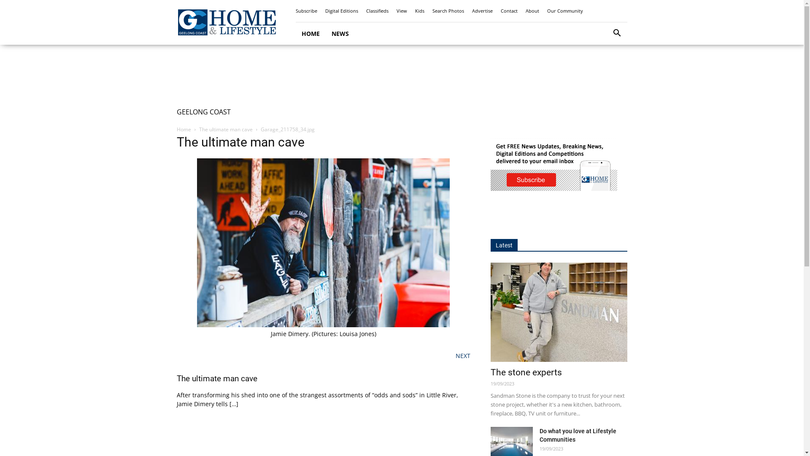 This screenshot has width=810, height=456. I want to click on 'The ultimate man cave', so click(226, 129).